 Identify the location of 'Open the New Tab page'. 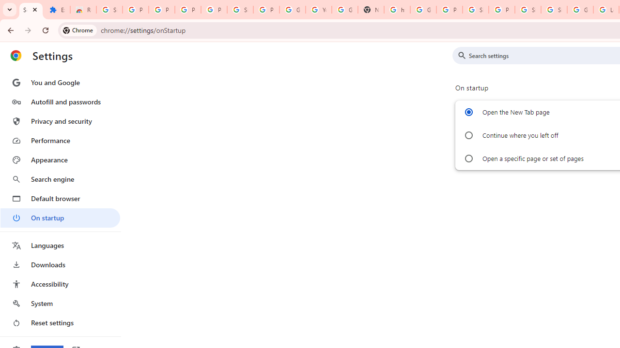
(468, 112).